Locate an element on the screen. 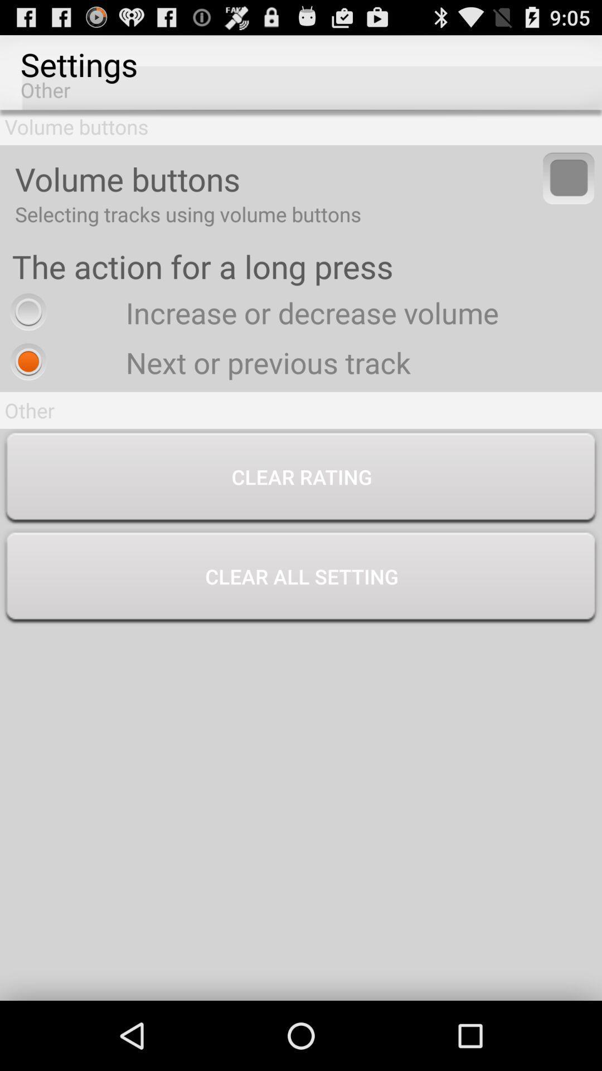  icon below the increase or decrease icon is located at coordinates (207, 362).